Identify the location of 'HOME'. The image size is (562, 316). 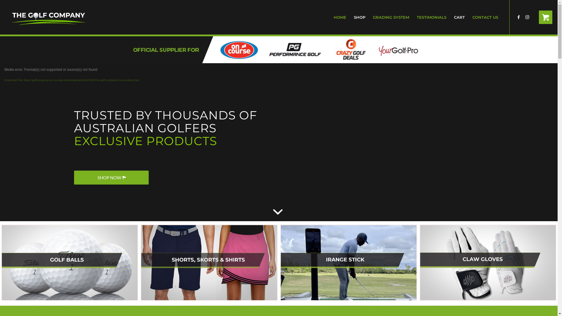
(340, 17).